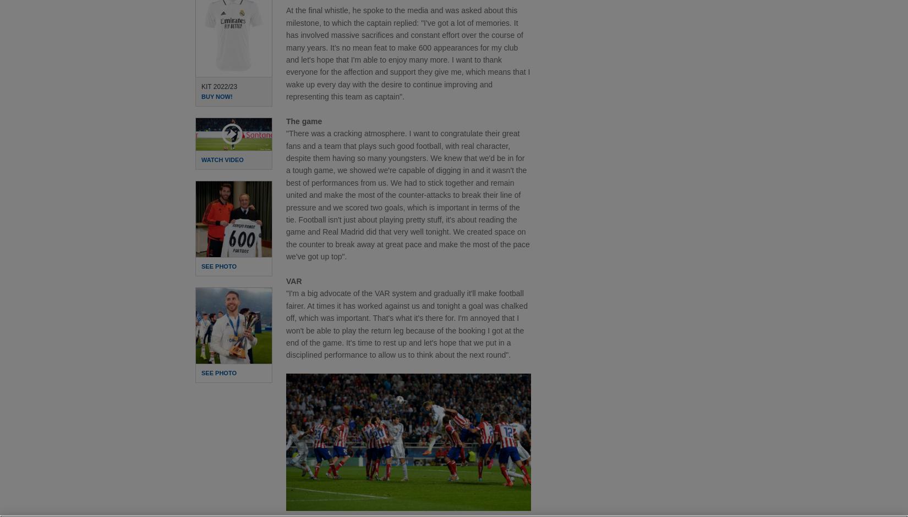 Image resolution: width=908 pixels, height=517 pixels. What do you see at coordinates (407, 53) in the screenshot?
I see `'At the final whistle, he spoke to the media and was asked about this milestone, to which the captain replied: "I've got a lot of memories. It has involved massive sacrifices and constant effort over the course of many years. It's no mean feat to make 600 appearances for my club and let's hope that I'm able to enjoy many more. I want to thank everyone for the affection and support they give me, which means that I wake up every day with the desire to continue improving and representing this team as captain".'` at bounding box center [407, 53].